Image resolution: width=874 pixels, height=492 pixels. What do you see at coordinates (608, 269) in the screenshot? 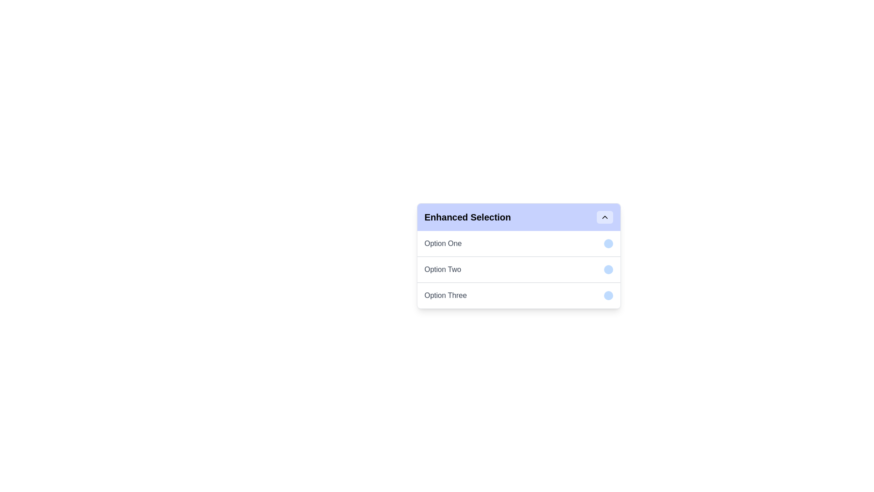
I see `the second indicator associated with 'Option Two' in the selection list to trigger changes in other parts of the row` at bounding box center [608, 269].